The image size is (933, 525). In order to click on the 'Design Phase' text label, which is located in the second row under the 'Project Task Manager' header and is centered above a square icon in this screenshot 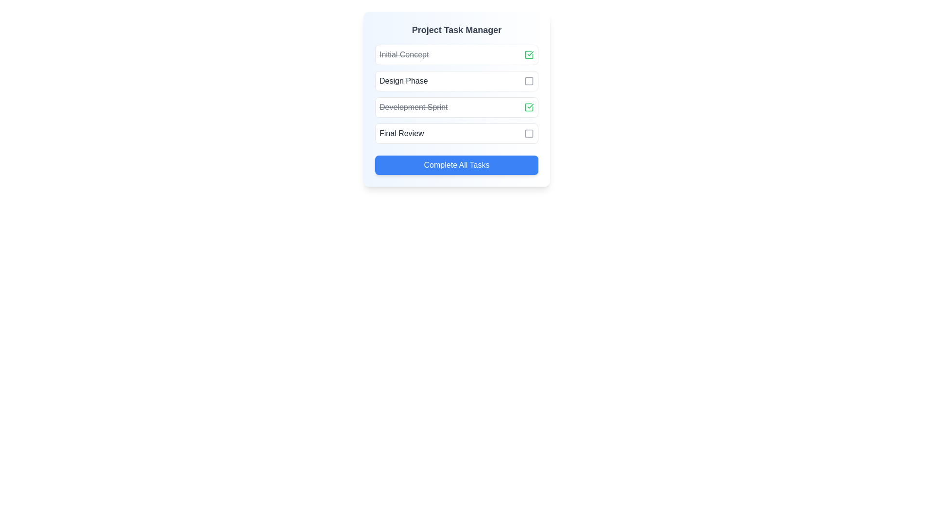, I will do `click(403, 80)`.